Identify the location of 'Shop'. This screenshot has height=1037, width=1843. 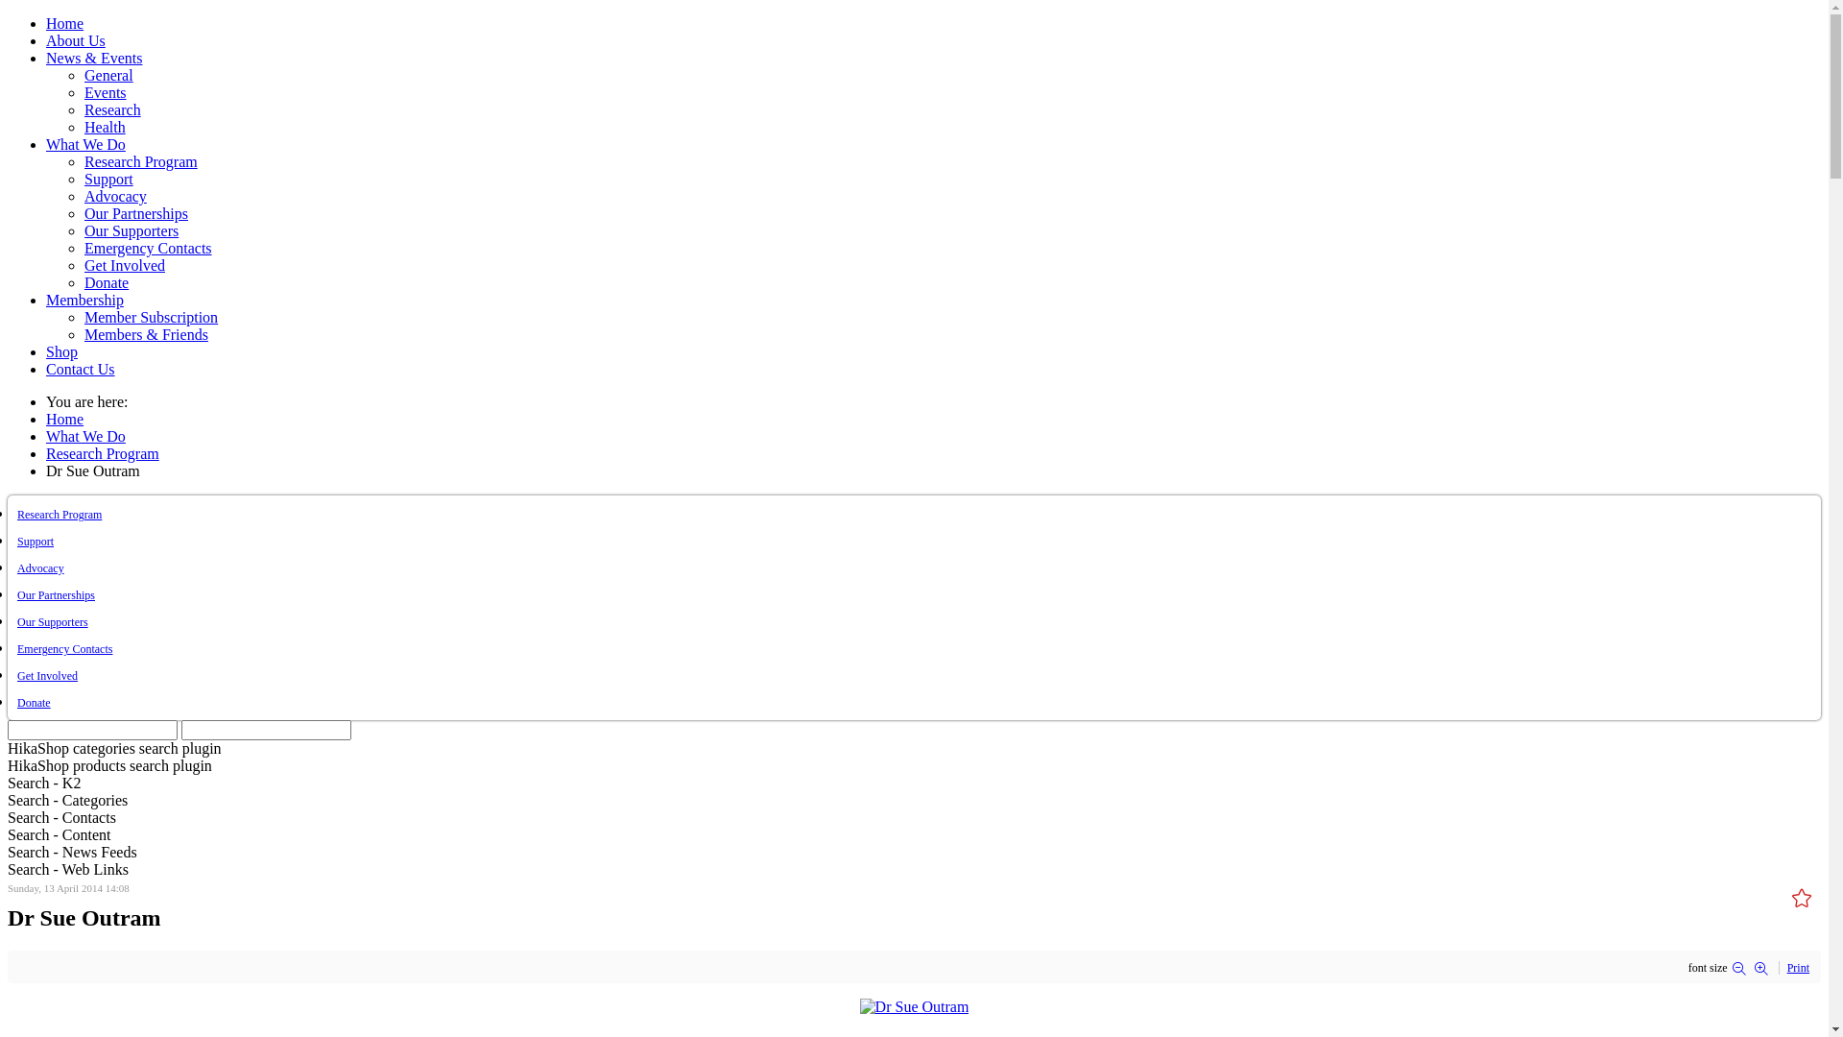
(46, 351).